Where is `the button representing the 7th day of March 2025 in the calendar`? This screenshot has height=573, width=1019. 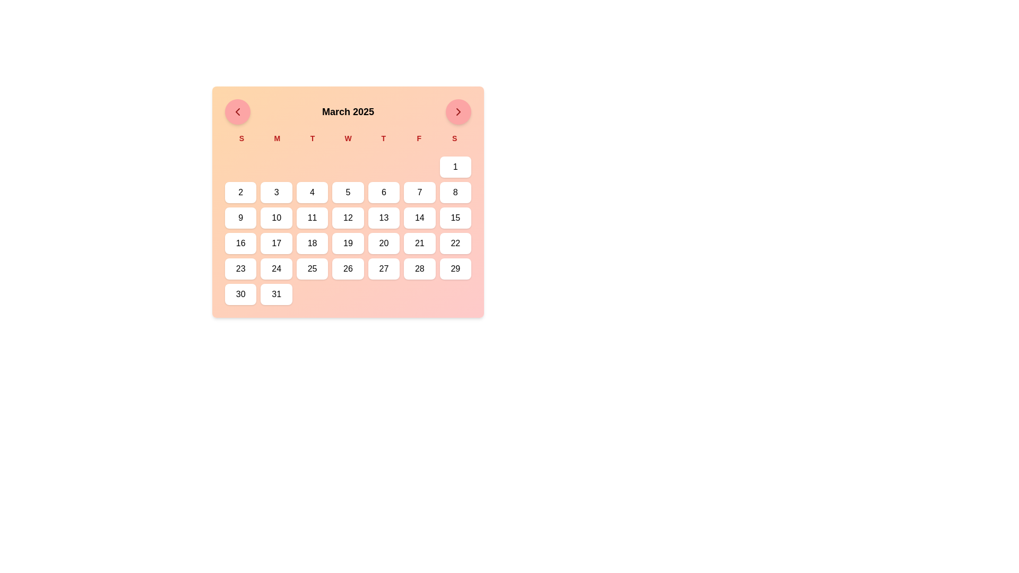
the button representing the 7th day of March 2025 in the calendar is located at coordinates (419, 192).